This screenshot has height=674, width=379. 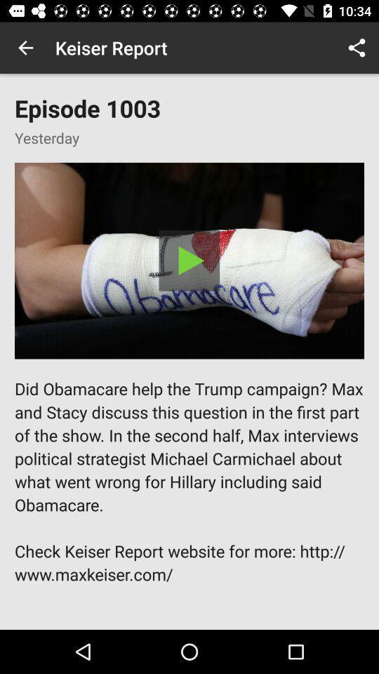 I want to click on the item next to the keiser report app, so click(x=25, y=48).